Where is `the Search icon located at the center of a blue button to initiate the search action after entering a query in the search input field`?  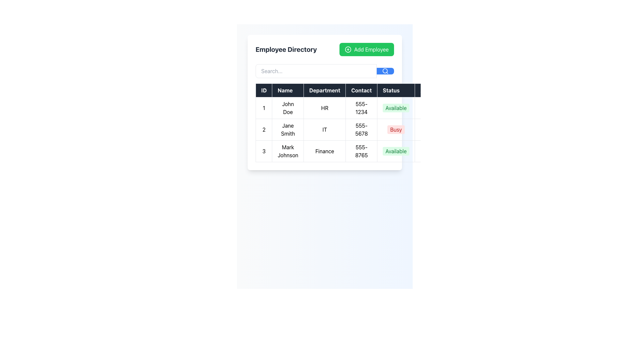
the Search icon located at the center of a blue button to initiate the search action after entering a query in the search input field is located at coordinates (385, 71).